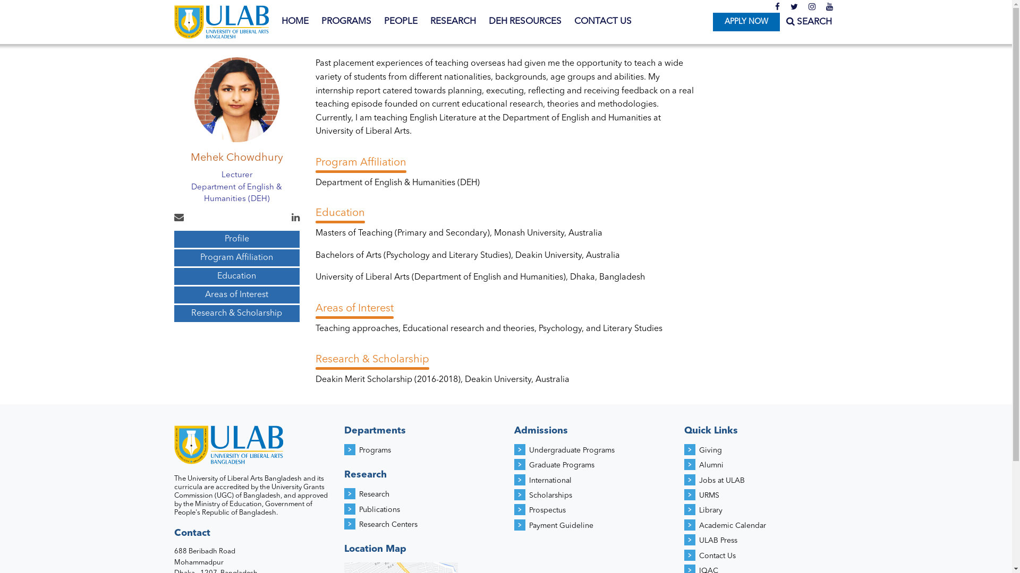  What do you see at coordinates (379, 509) in the screenshot?
I see `'Publications'` at bounding box center [379, 509].